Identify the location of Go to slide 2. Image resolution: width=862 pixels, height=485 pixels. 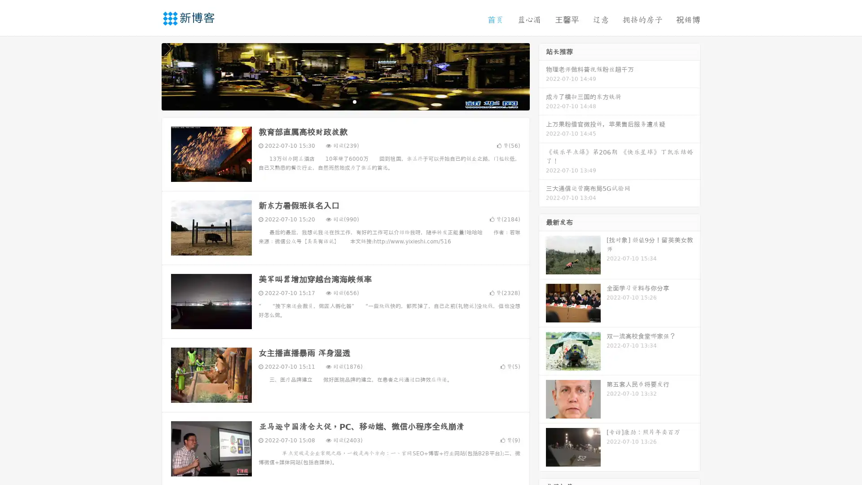
(345, 101).